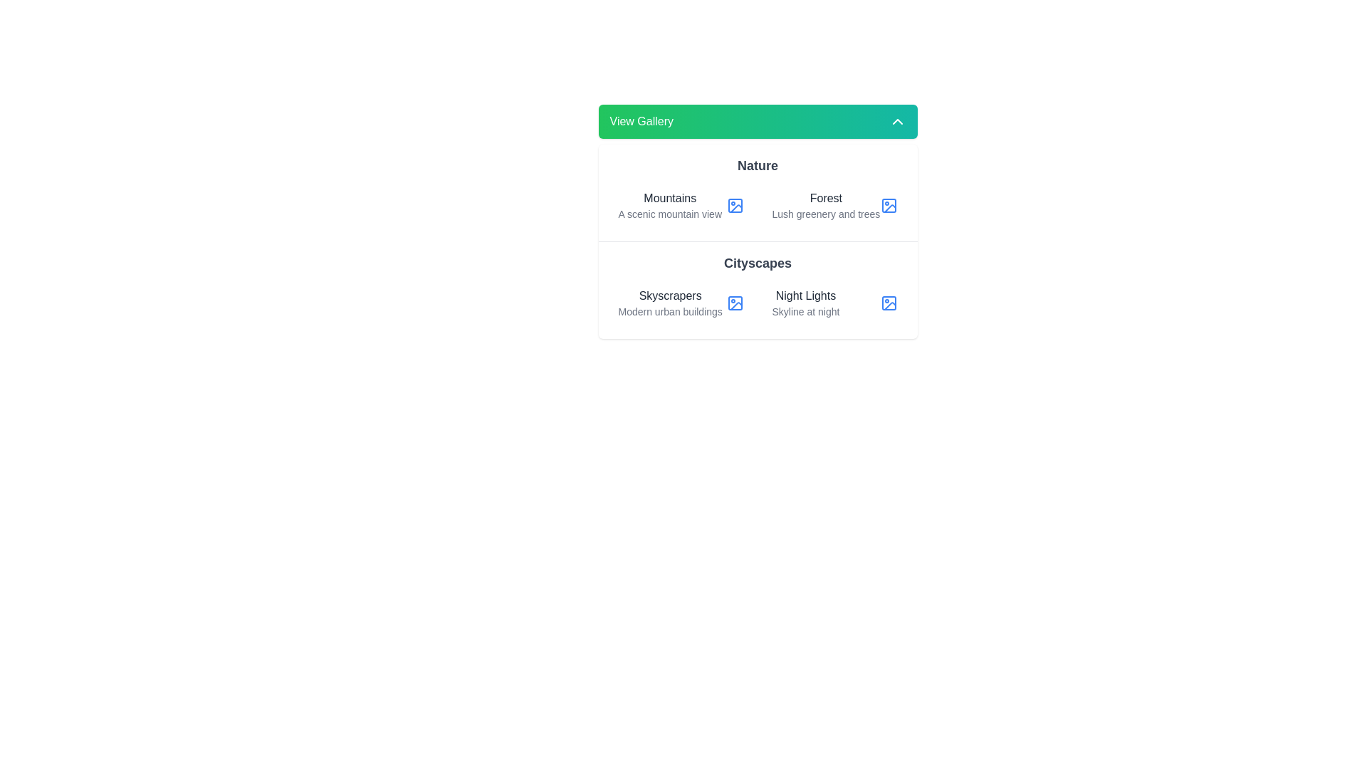 The width and height of the screenshot is (1367, 769). I want to click on the 'Mountains' text label in the 'Nature' section, which is positioned at the top-left corner above the description text 'A scenic mountain view', so click(669, 198).